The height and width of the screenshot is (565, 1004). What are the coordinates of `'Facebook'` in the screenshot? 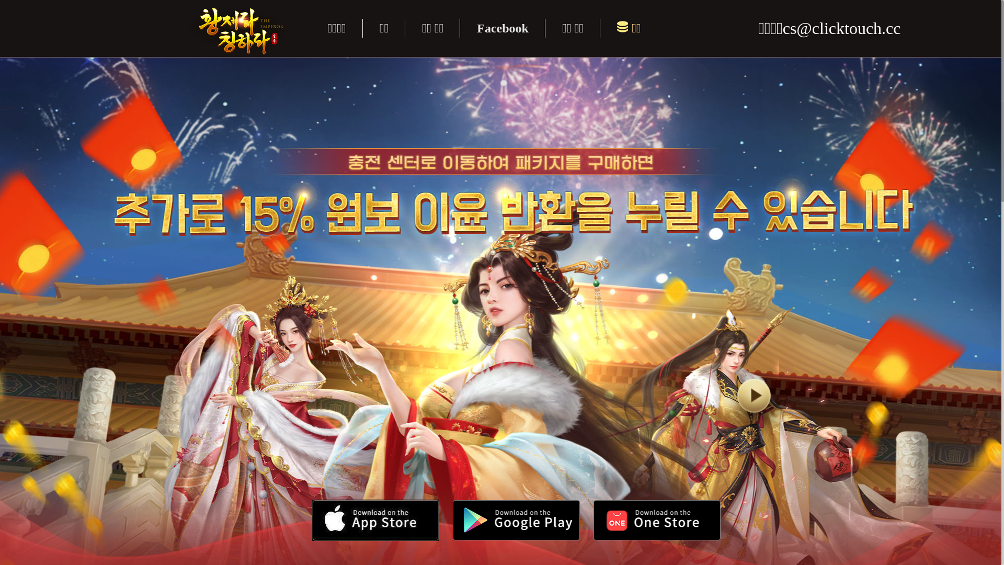 It's located at (503, 28).